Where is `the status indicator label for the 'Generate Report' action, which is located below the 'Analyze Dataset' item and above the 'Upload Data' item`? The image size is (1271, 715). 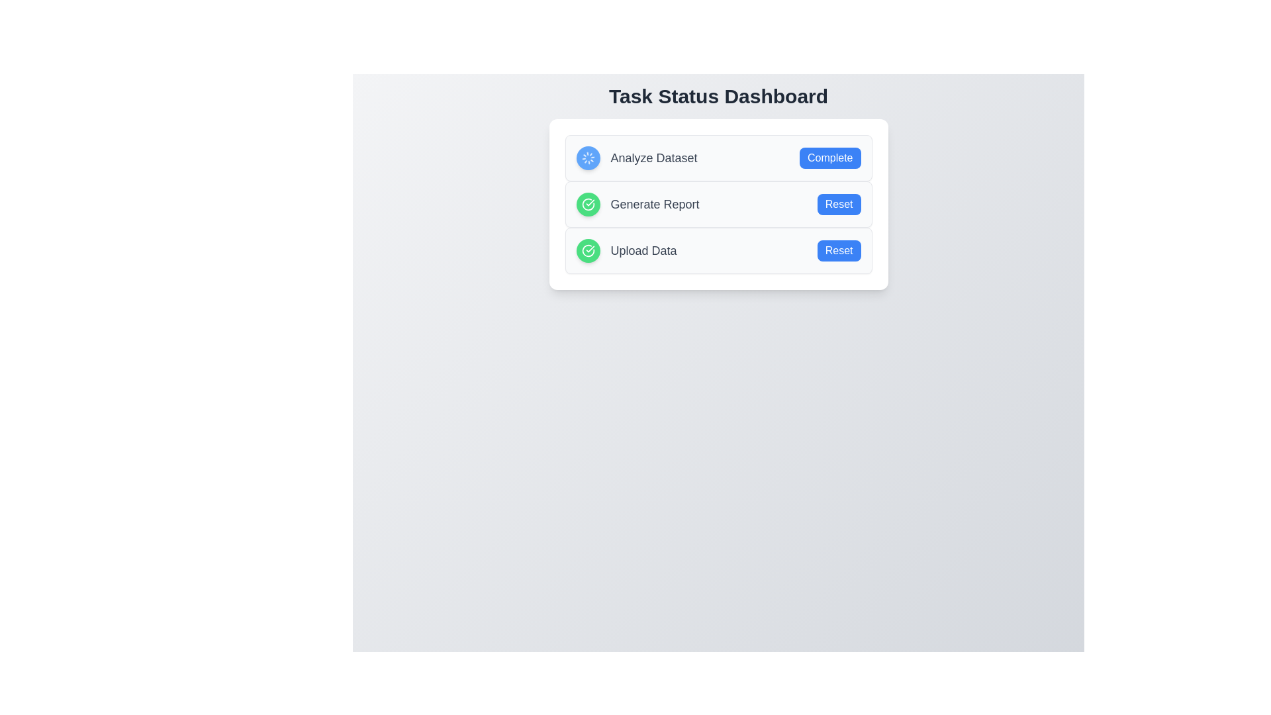
the status indicator label for the 'Generate Report' action, which is located below the 'Analyze Dataset' item and above the 'Upload Data' item is located at coordinates (637, 204).